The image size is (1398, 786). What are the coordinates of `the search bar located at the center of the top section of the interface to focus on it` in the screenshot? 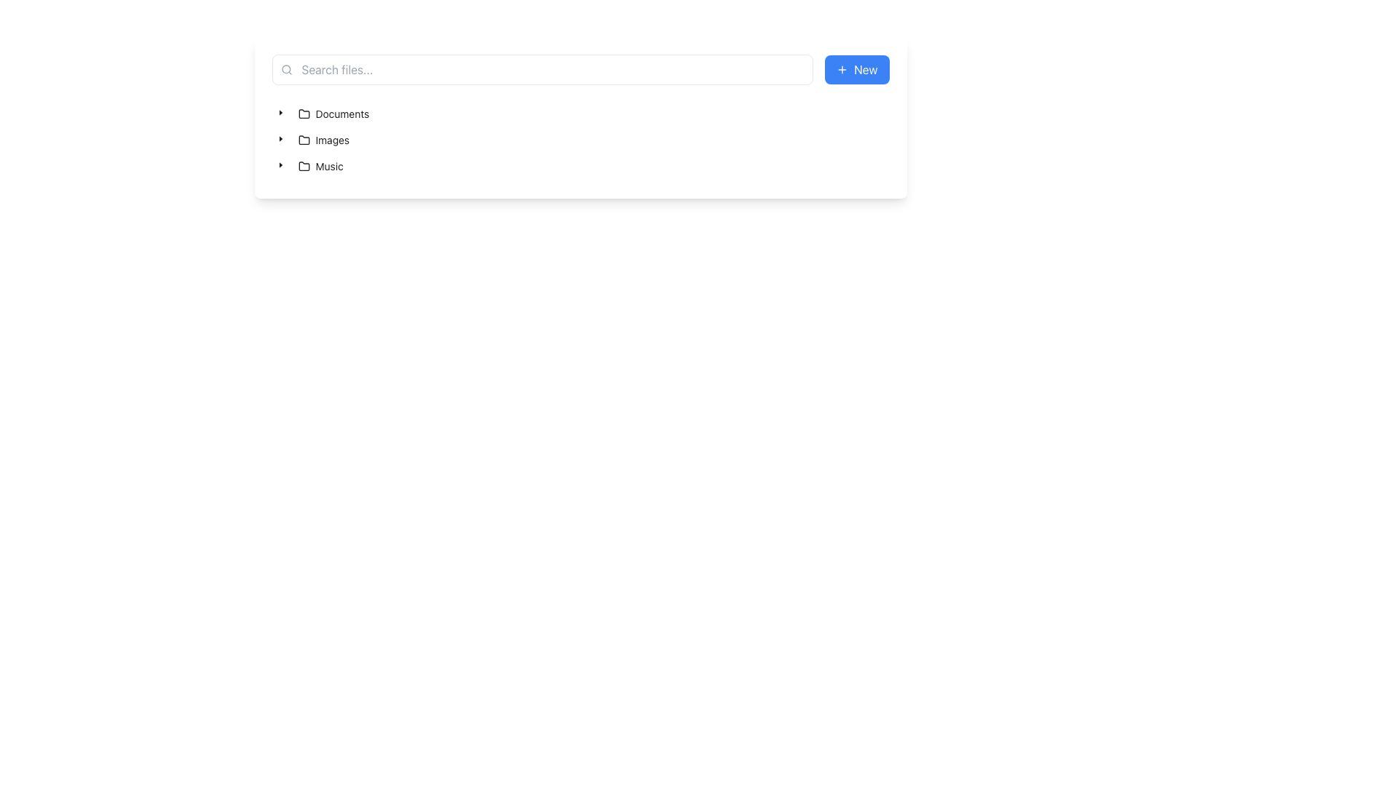 It's located at (542, 70).